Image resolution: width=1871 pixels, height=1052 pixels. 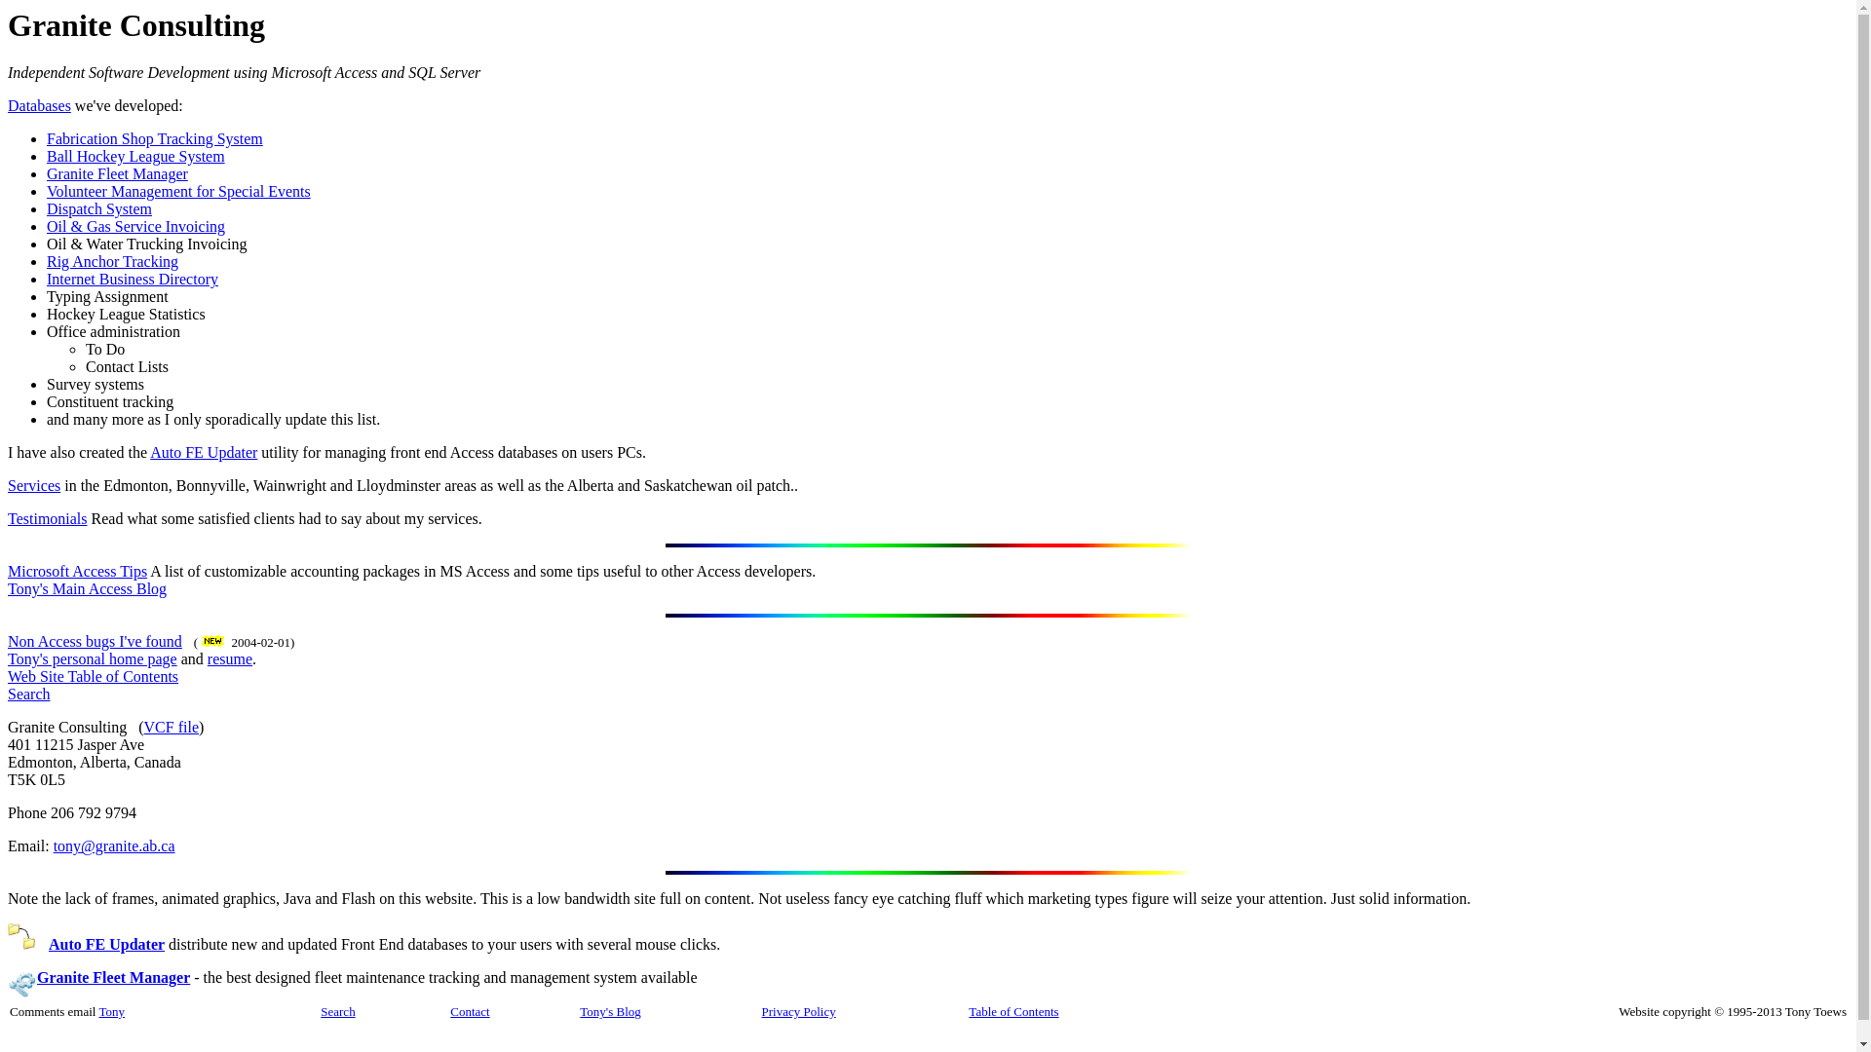 What do you see at coordinates (448, 1009) in the screenshot?
I see `'Contact'` at bounding box center [448, 1009].